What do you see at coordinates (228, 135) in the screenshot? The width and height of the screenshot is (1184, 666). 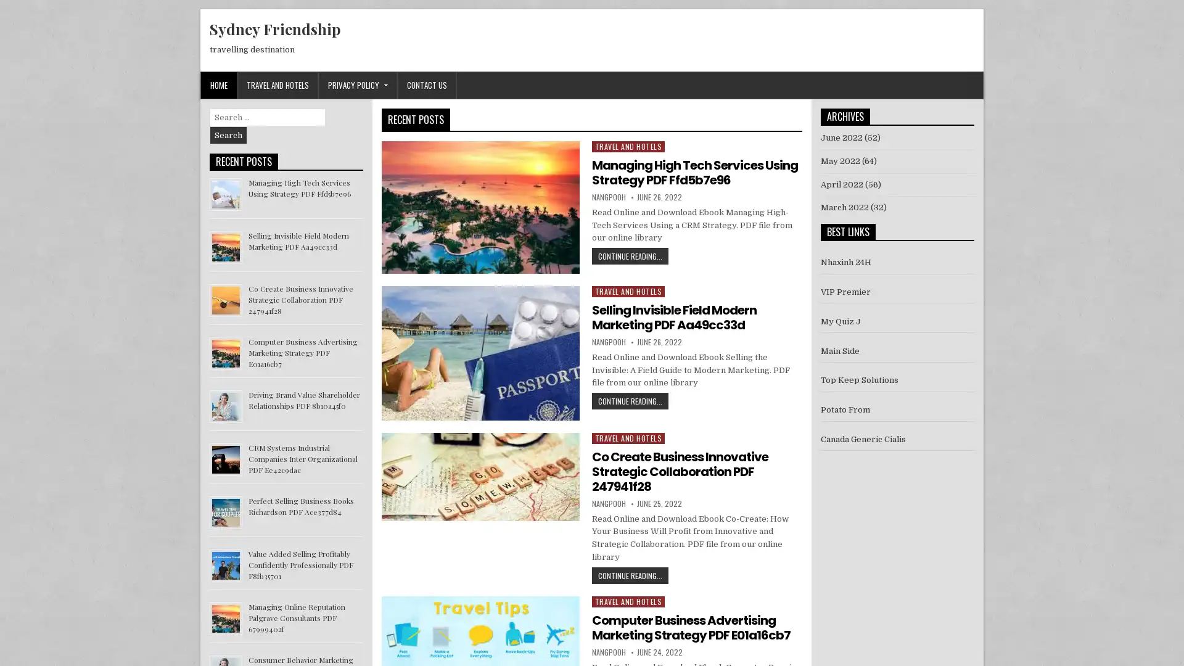 I see `Search` at bounding box center [228, 135].